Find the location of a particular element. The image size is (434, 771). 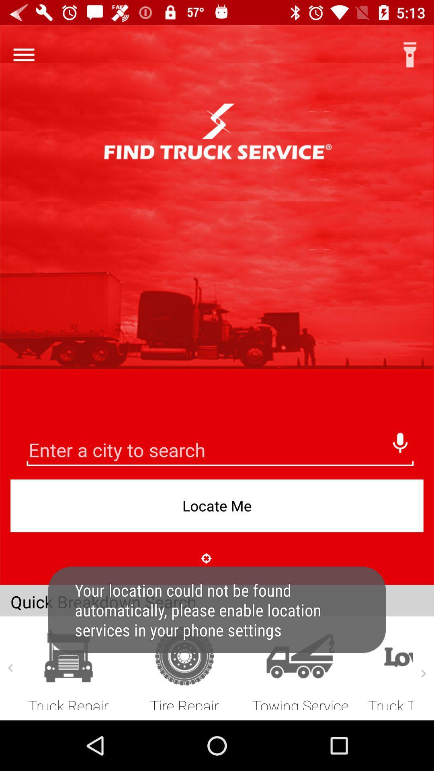

open keyboard is located at coordinates (220, 451).